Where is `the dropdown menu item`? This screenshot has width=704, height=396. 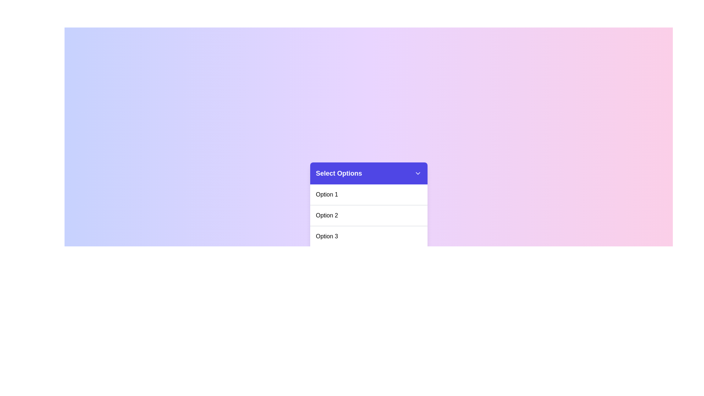 the dropdown menu item is located at coordinates (326, 215).